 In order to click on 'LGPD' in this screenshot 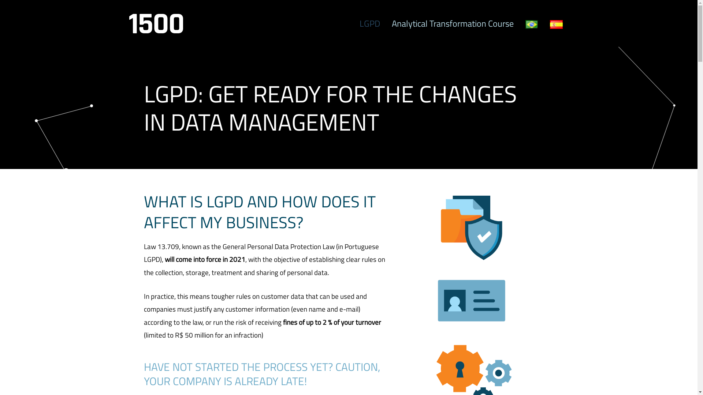, I will do `click(369, 23)`.